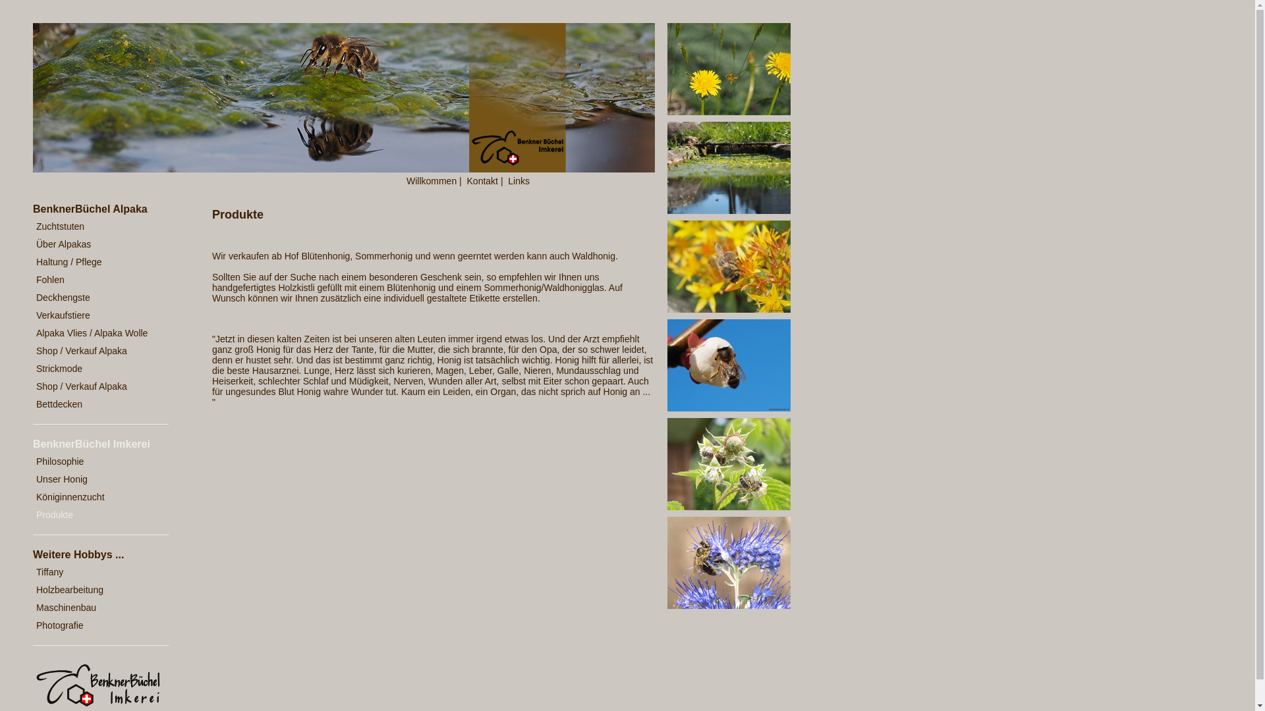 The height and width of the screenshot is (711, 1265). I want to click on 'Photografie', so click(94, 625).